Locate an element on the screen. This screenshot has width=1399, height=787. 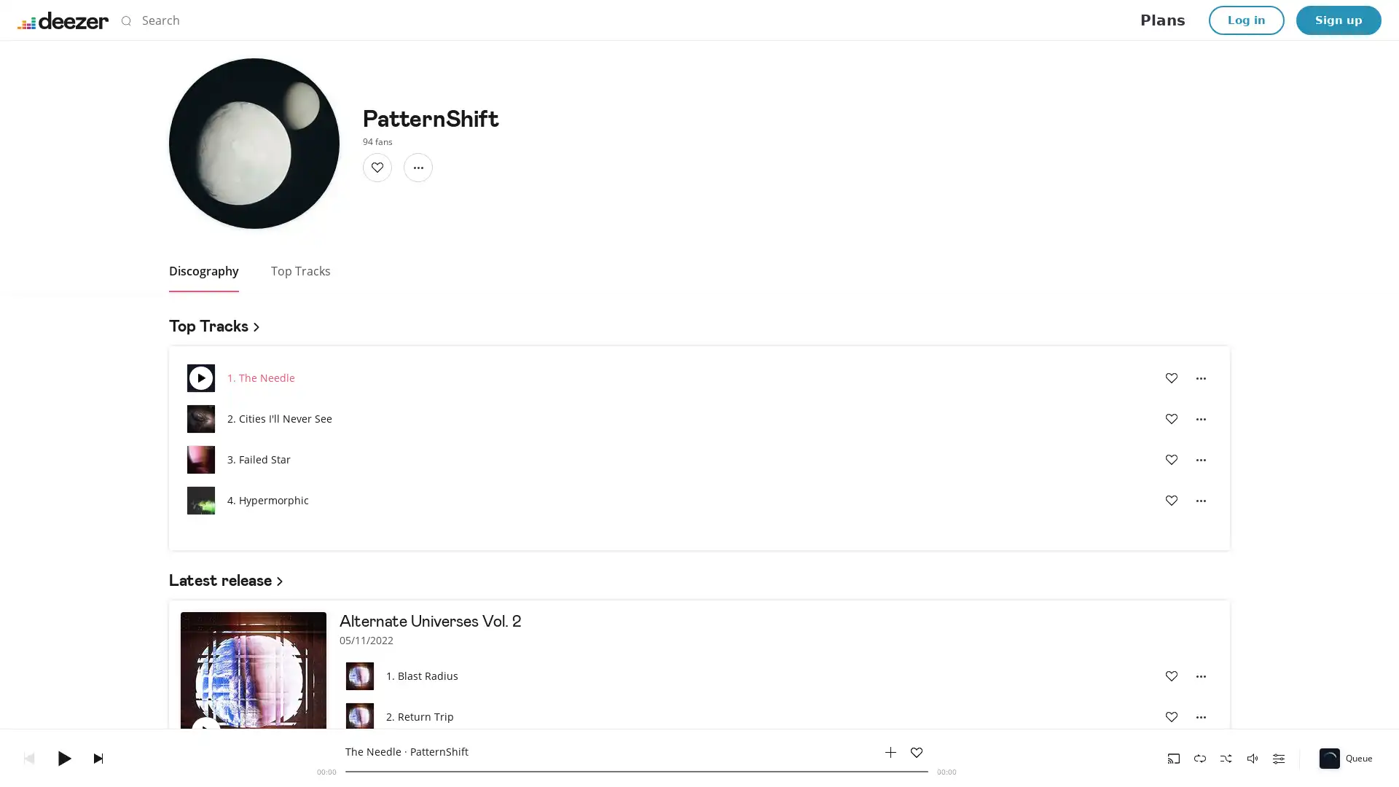
Add to Favorite tracks is located at coordinates (1172, 418).